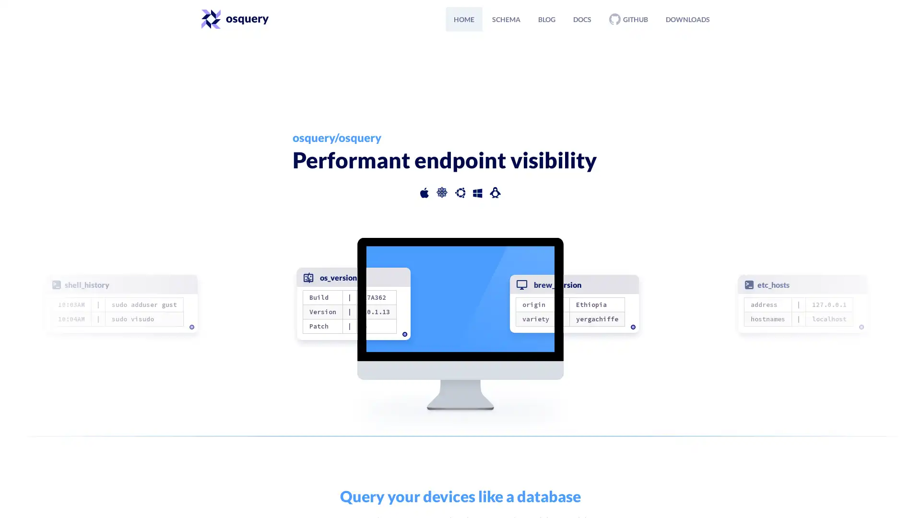 Image resolution: width=921 pixels, height=518 pixels. What do you see at coordinates (582, 19) in the screenshot?
I see `DOCS` at bounding box center [582, 19].